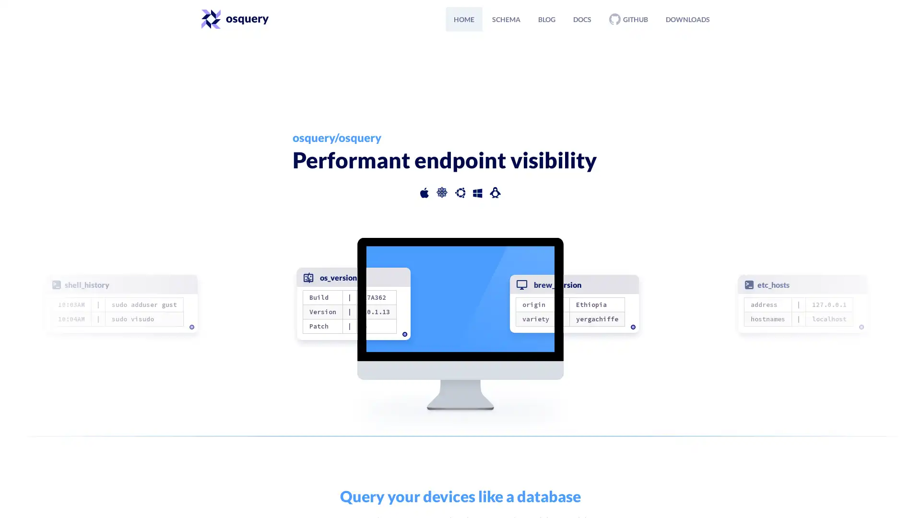 Image resolution: width=921 pixels, height=518 pixels. What do you see at coordinates (582, 19) in the screenshot?
I see `DOCS` at bounding box center [582, 19].